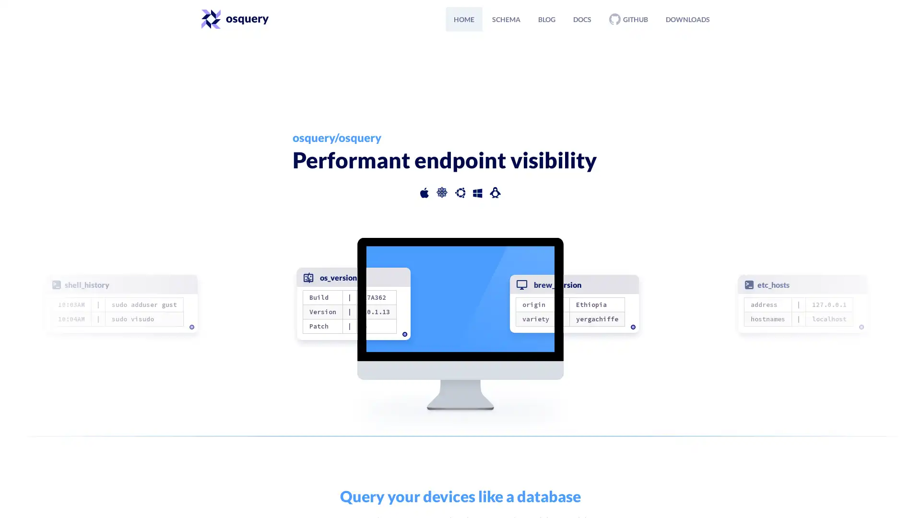 Image resolution: width=921 pixels, height=518 pixels. What do you see at coordinates (582, 19) in the screenshot?
I see `DOCS` at bounding box center [582, 19].